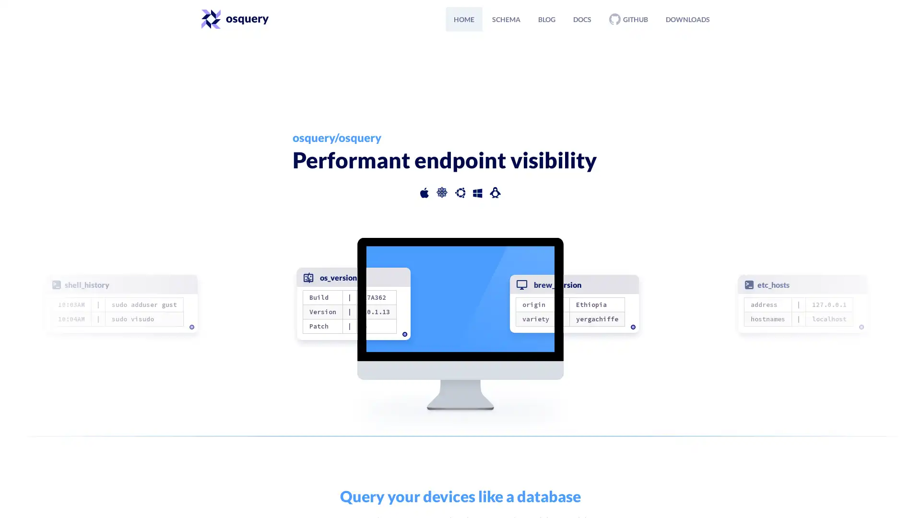 Image resolution: width=921 pixels, height=518 pixels. What do you see at coordinates (582, 19) in the screenshot?
I see `DOCS` at bounding box center [582, 19].